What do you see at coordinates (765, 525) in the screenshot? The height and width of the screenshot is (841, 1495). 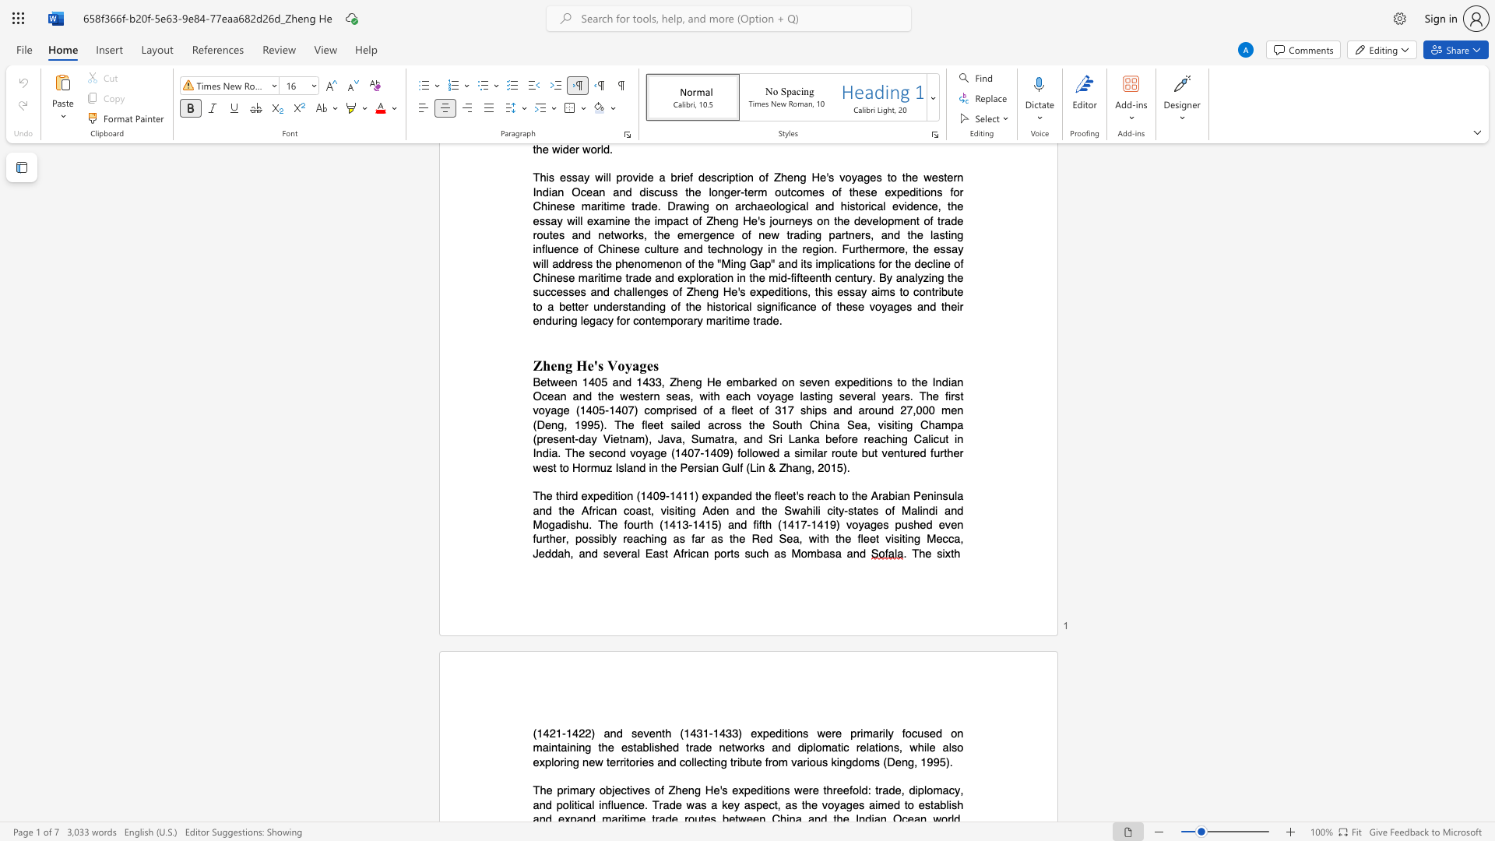 I see `the subset text "h (1417-1419) v" within the text "The third expedition (1409-1411) expanded the fleet"` at bounding box center [765, 525].